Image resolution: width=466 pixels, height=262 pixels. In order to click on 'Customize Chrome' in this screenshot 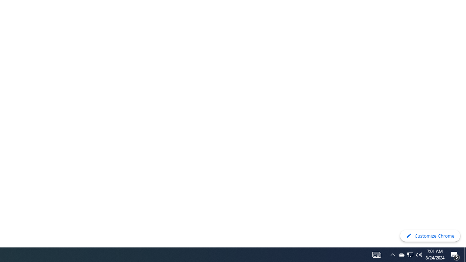, I will do `click(430, 236)`.